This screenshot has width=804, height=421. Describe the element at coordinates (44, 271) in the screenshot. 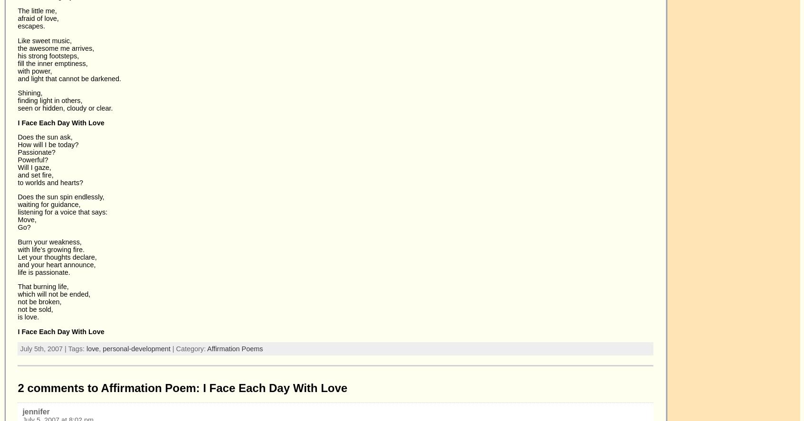

I see `'life is passionate.'` at that location.